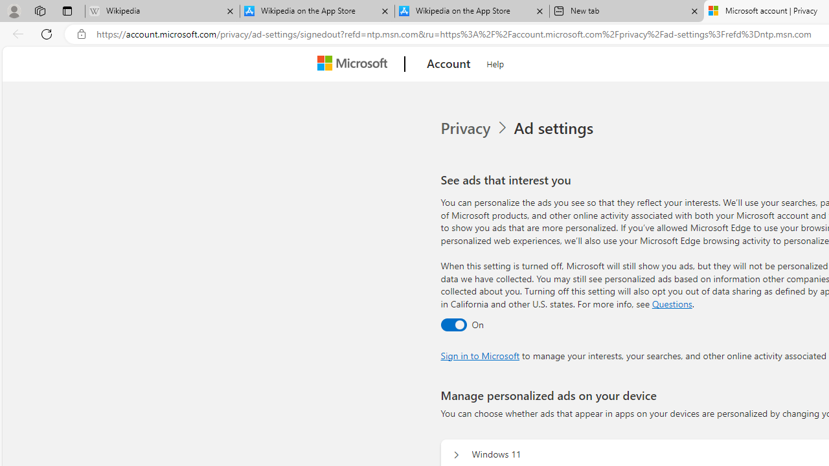  What do you see at coordinates (672, 304) in the screenshot?
I see `'Go to Questions section'` at bounding box center [672, 304].